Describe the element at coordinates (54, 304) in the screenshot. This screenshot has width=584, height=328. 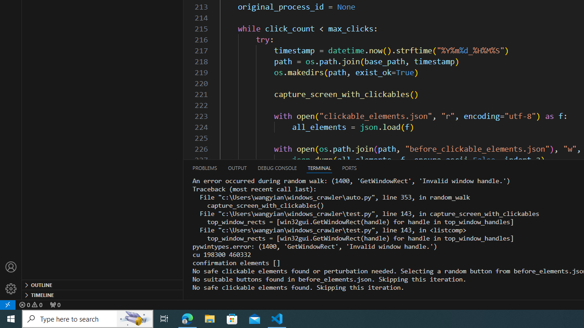
I see `'No Ports Forwarded'` at that location.